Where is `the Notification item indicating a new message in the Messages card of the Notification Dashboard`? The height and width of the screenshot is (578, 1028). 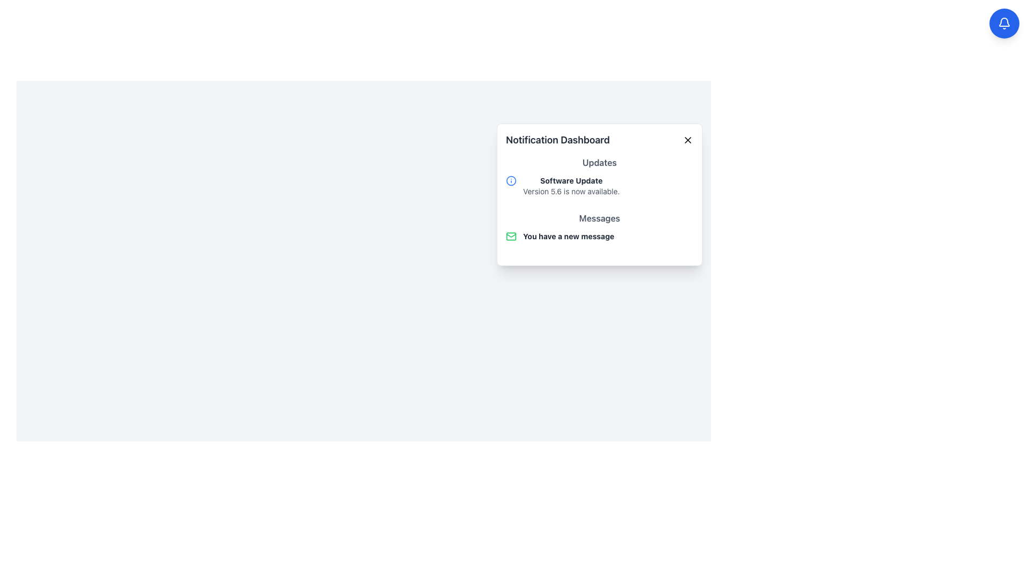 the Notification item indicating a new message in the Messages card of the Notification Dashboard is located at coordinates (599, 236).